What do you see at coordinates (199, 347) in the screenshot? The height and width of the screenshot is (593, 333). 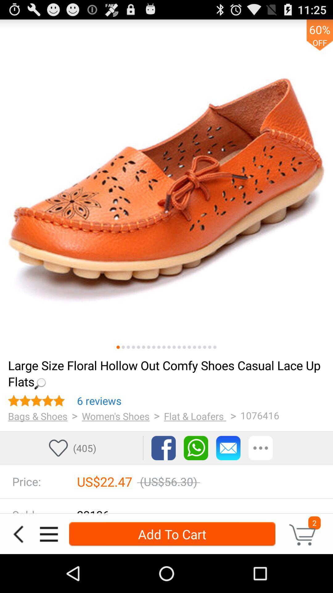 I see `this page` at bounding box center [199, 347].